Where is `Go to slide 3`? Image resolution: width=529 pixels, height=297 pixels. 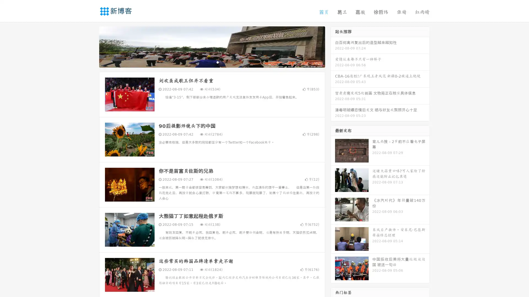 Go to slide 3 is located at coordinates (217, 62).